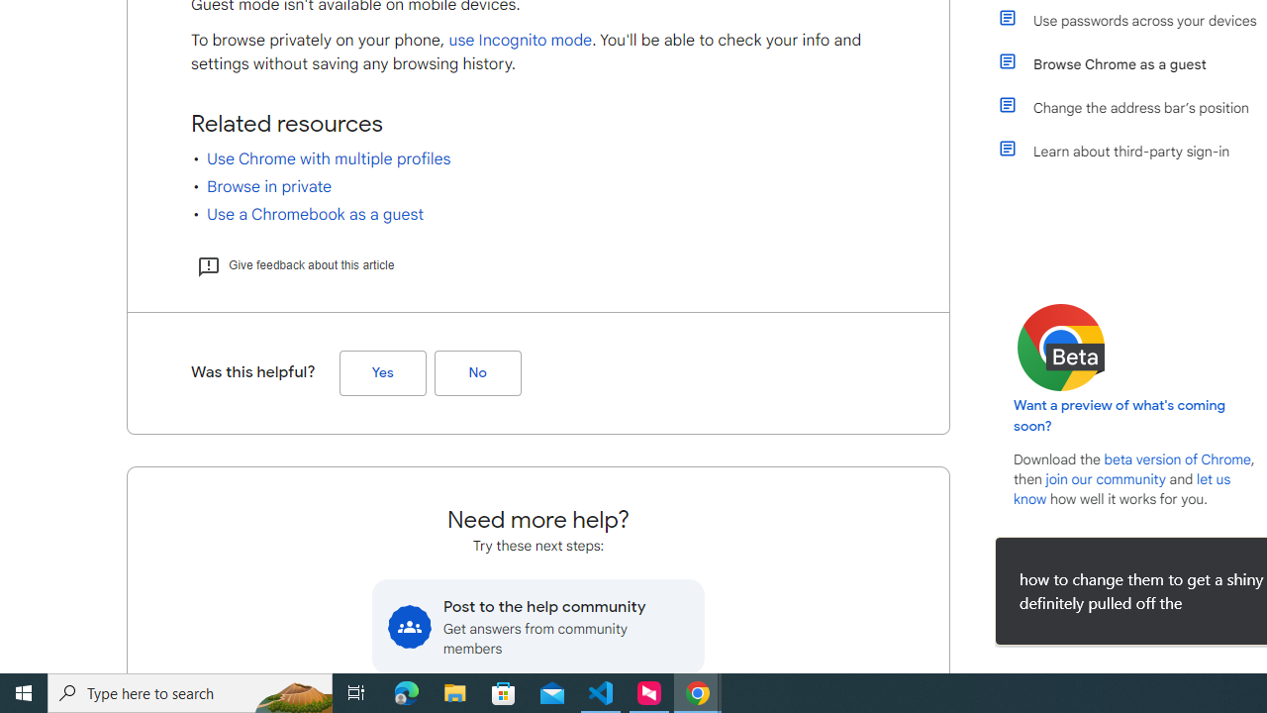 This screenshot has width=1267, height=713. What do you see at coordinates (1120, 415) in the screenshot?
I see `'Want a preview of what'` at bounding box center [1120, 415].